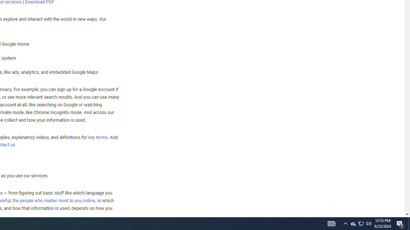  Describe the element at coordinates (53, 200) in the screenshot. I see `'the people who matter most to you online'` at that location.